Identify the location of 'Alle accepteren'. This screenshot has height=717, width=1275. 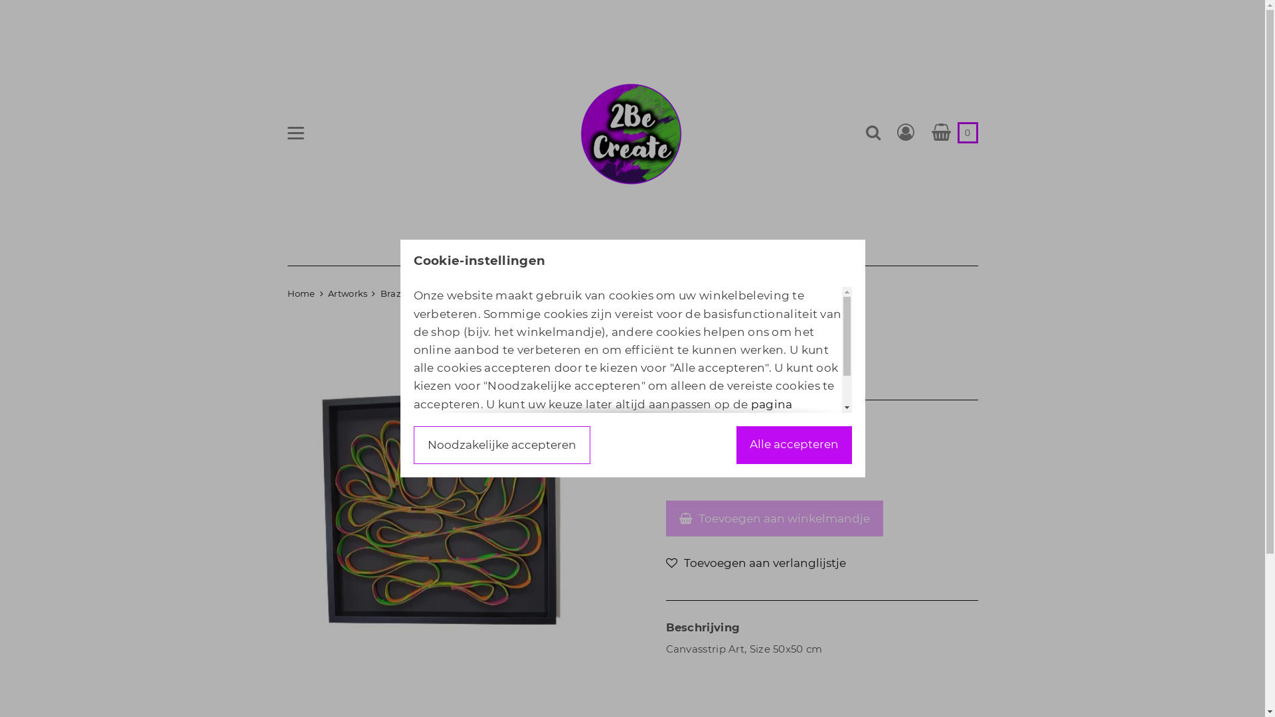
(794, 445).